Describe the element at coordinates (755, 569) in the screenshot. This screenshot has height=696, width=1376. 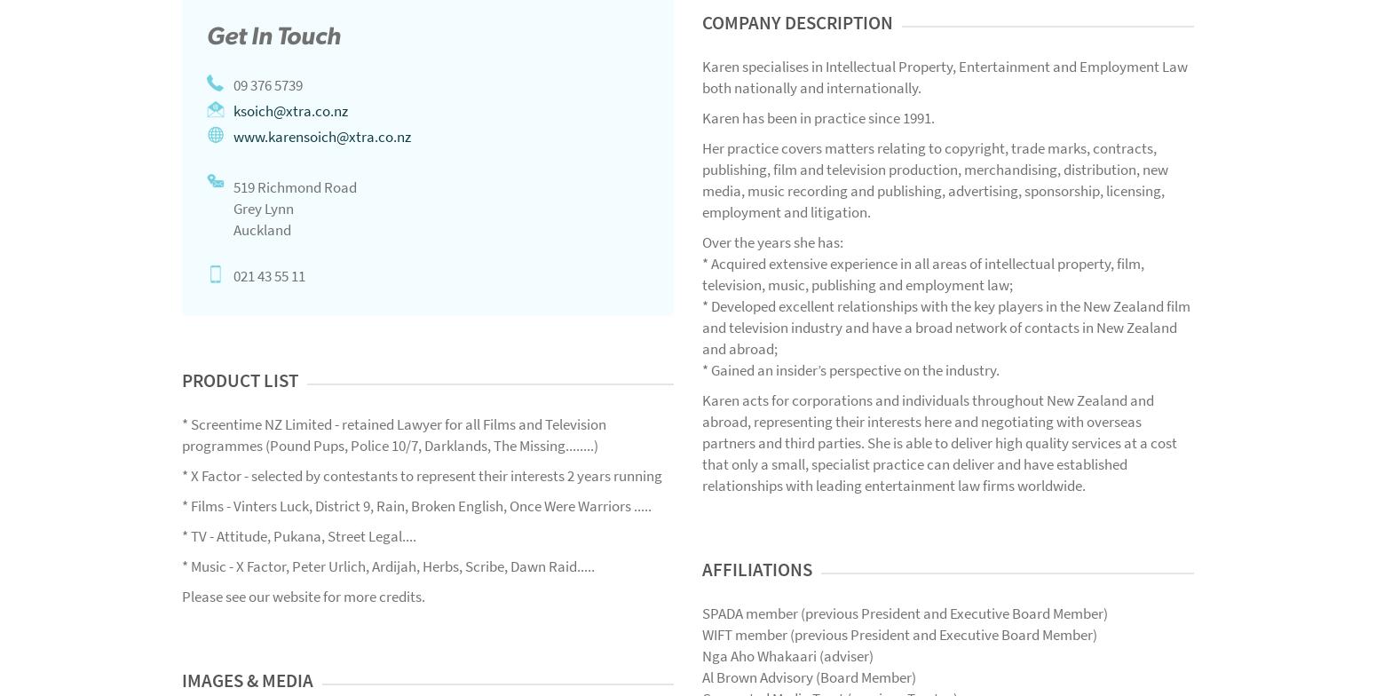
I see `'Affiliations'` at that location.